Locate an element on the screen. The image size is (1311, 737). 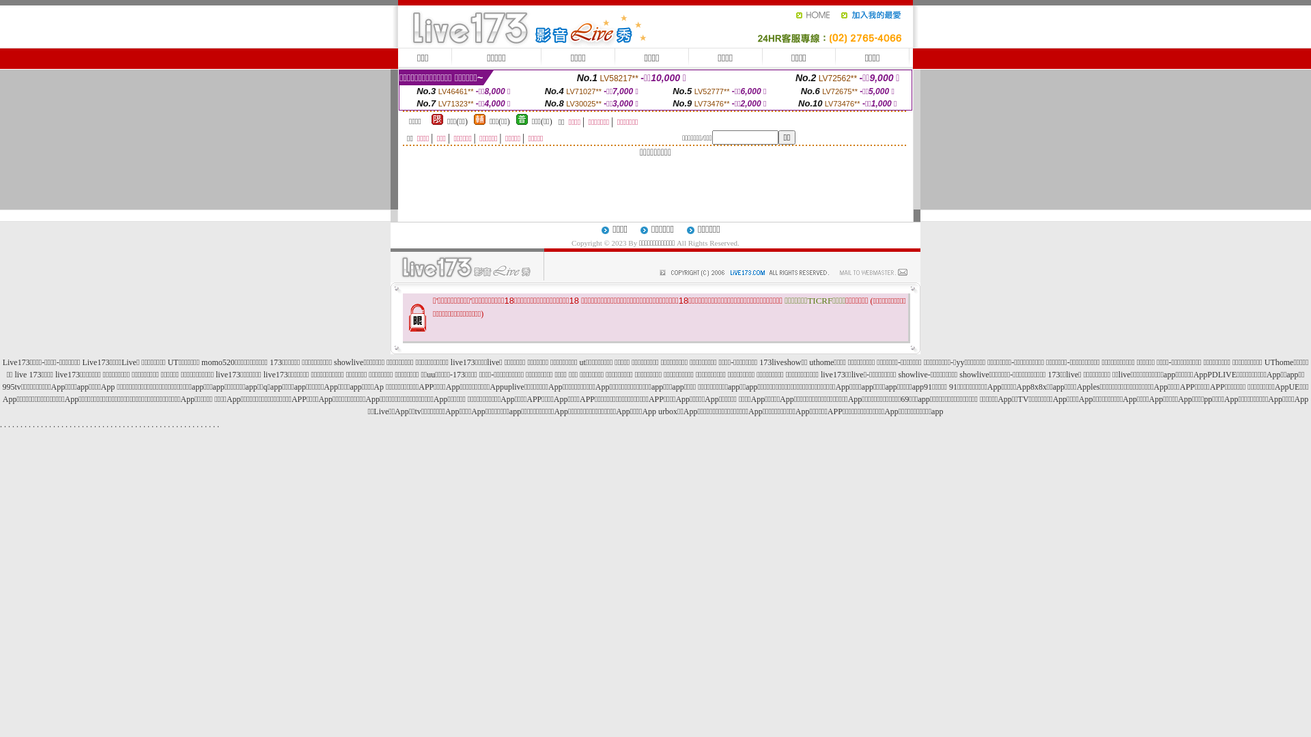
'.' is located at coordinates (98, 423).